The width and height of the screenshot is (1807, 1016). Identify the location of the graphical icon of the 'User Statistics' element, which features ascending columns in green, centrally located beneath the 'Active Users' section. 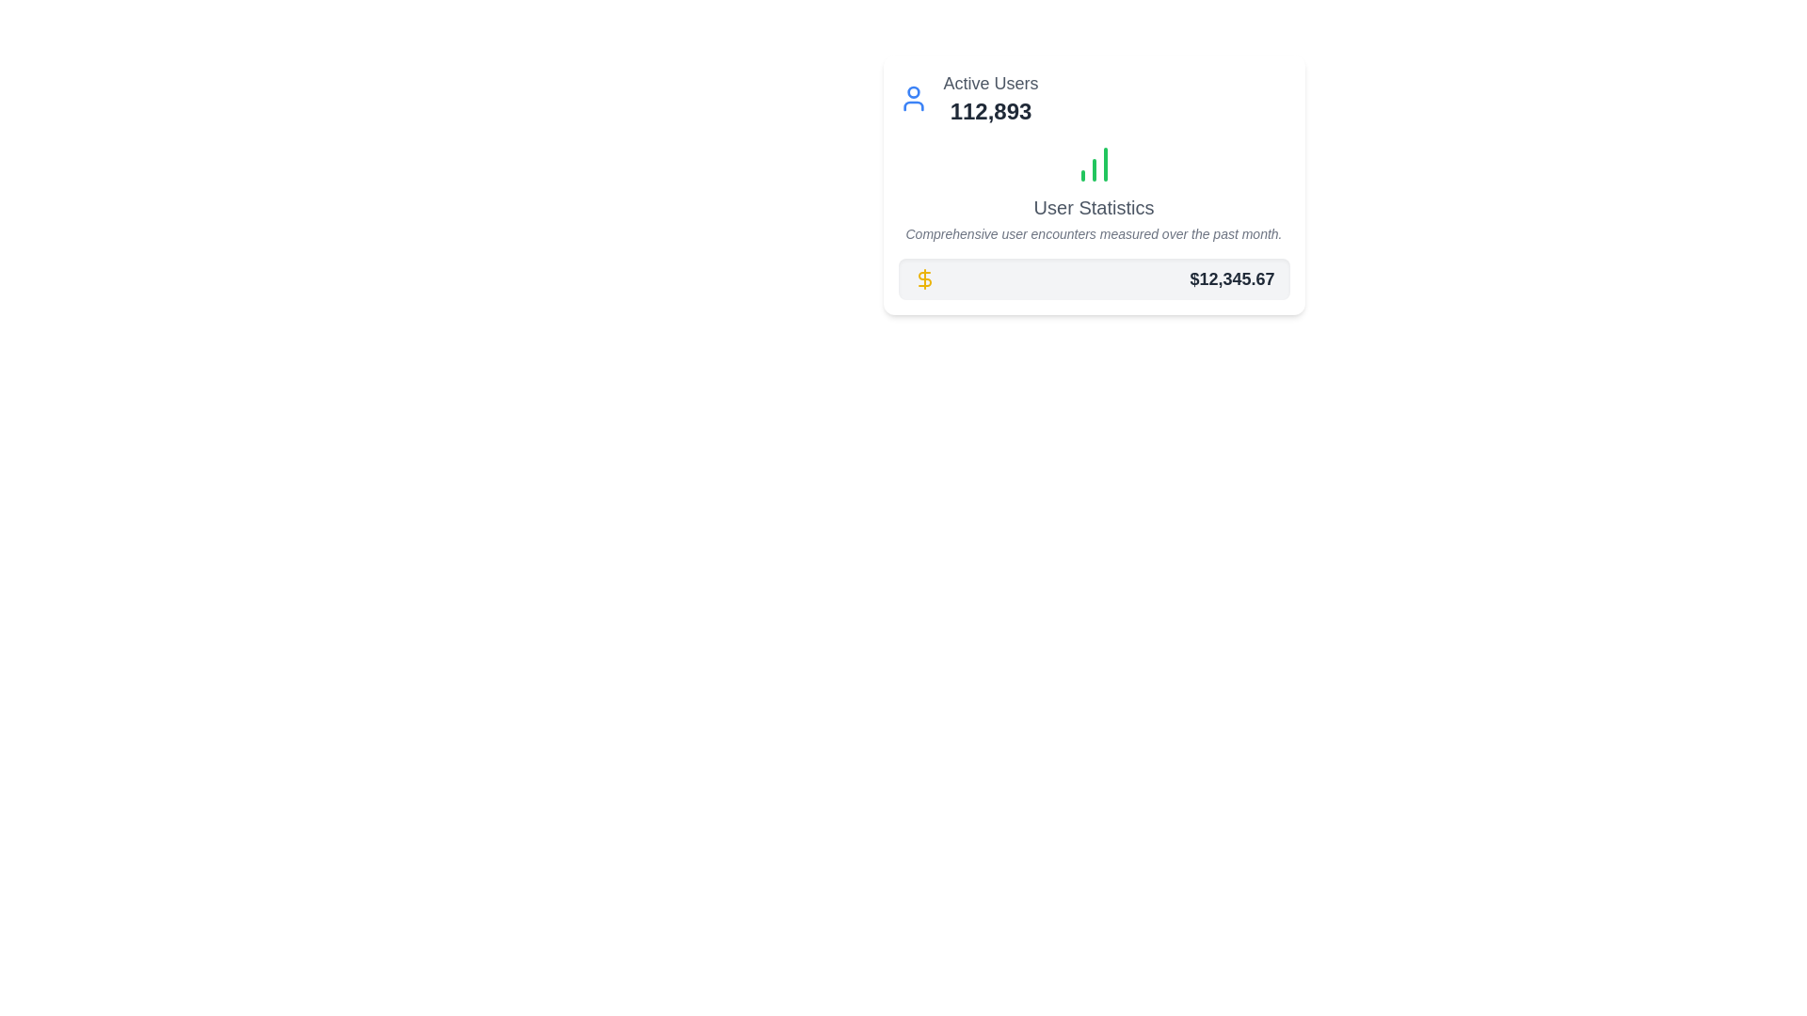
(1094, 192).